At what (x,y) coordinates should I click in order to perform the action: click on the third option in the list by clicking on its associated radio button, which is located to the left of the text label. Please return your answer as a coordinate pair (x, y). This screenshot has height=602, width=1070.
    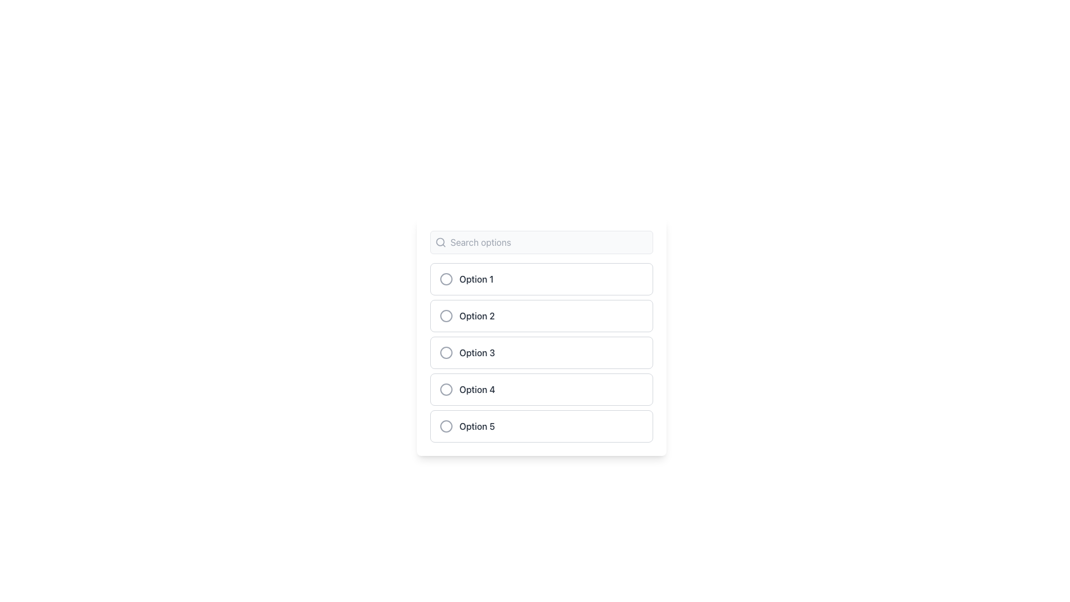
    Looking at the image, I should click on (460, 352).